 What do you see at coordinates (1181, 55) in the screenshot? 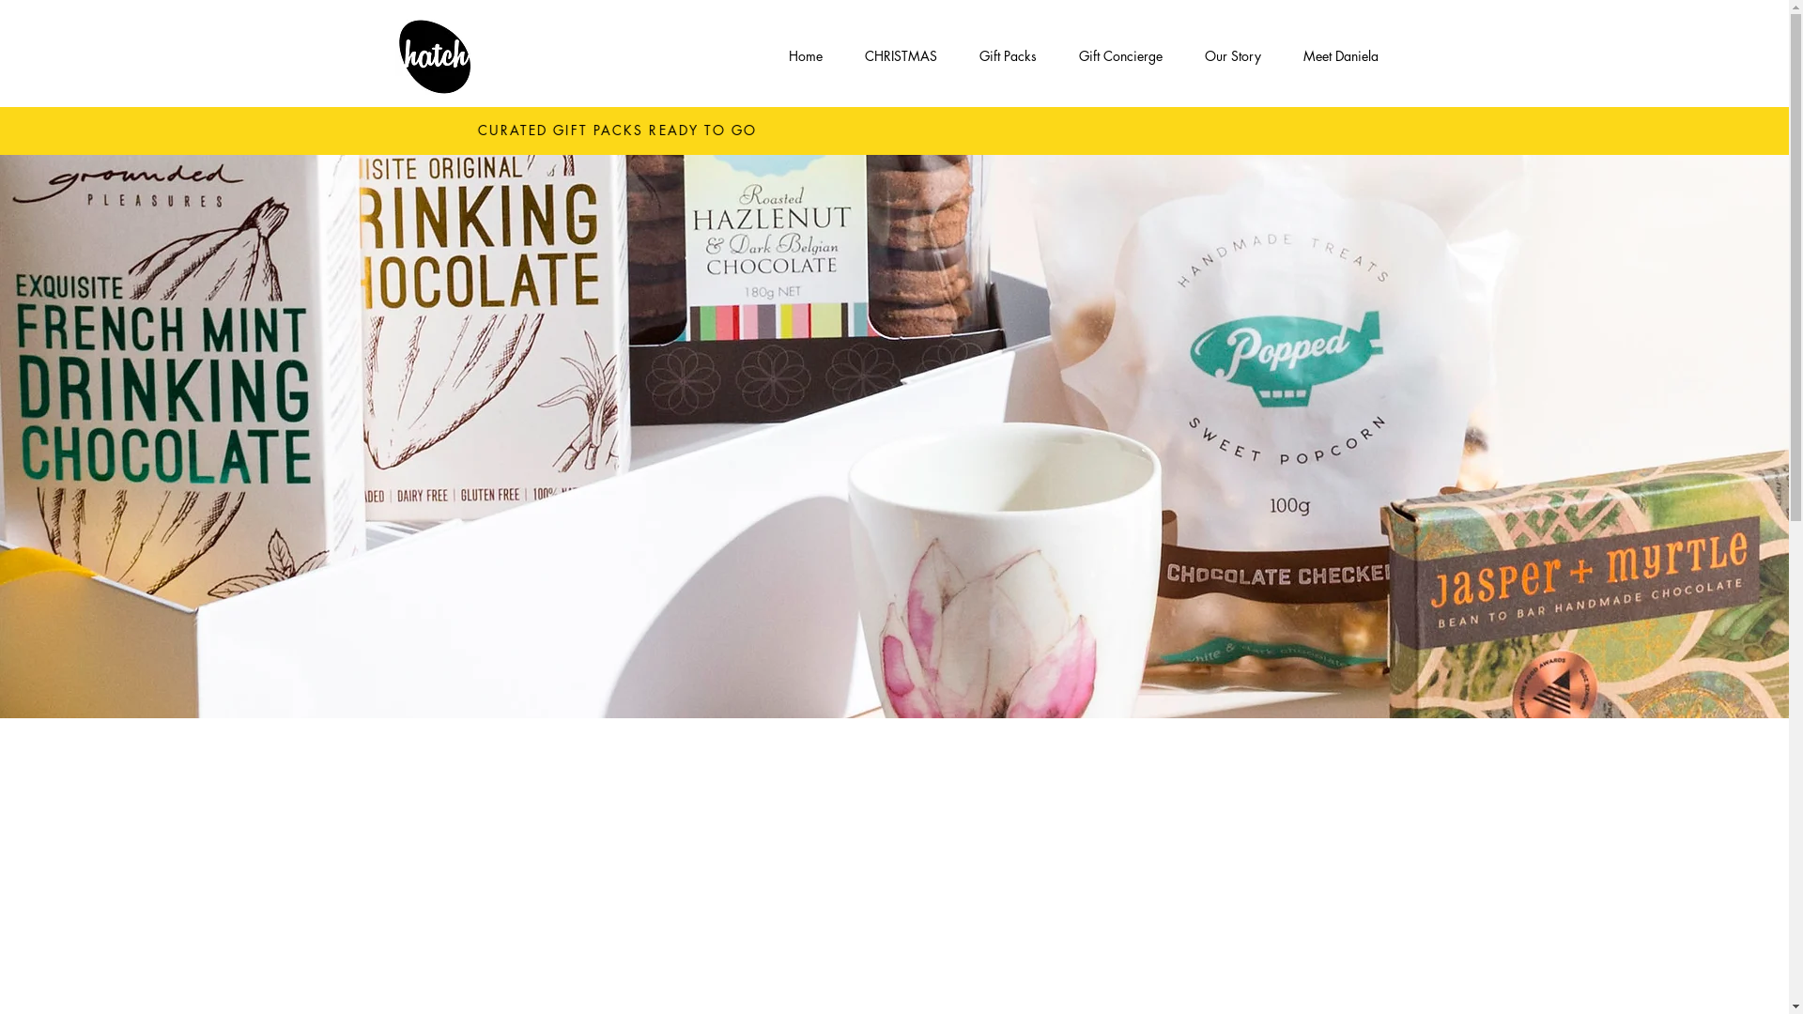
I see `'Our Story'` at bounding box center [1181, 55].